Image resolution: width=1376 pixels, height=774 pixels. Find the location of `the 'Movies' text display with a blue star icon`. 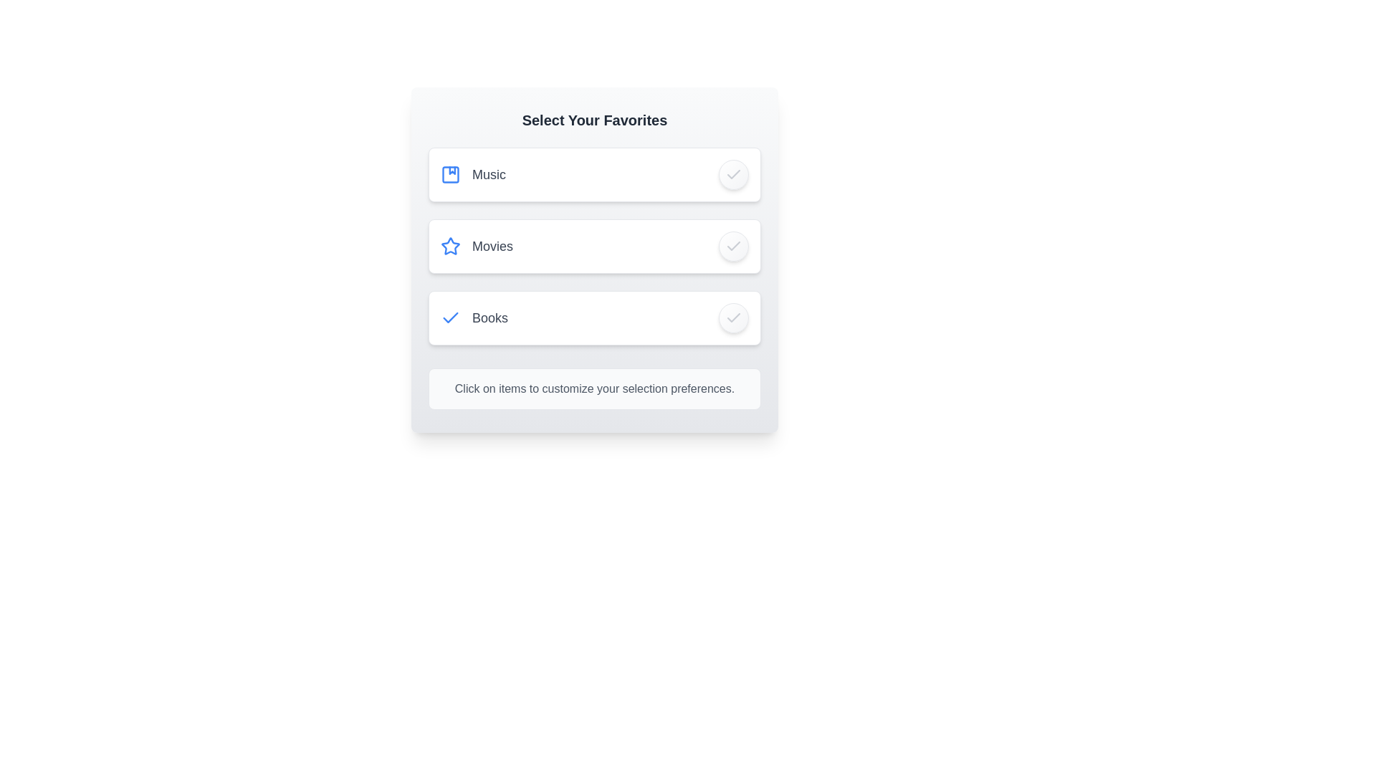

the 'Movies' text display with a blue star icon is located at coordinates (477, 245).